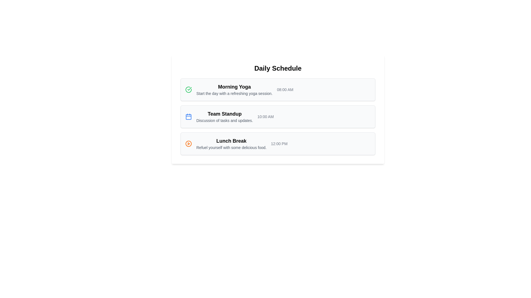  I want to click on the completion icon for the 'Morning Yoga' session, which is a checkmark located within the first card of the daily schedule, to the left of the text description, so click(189, 88).